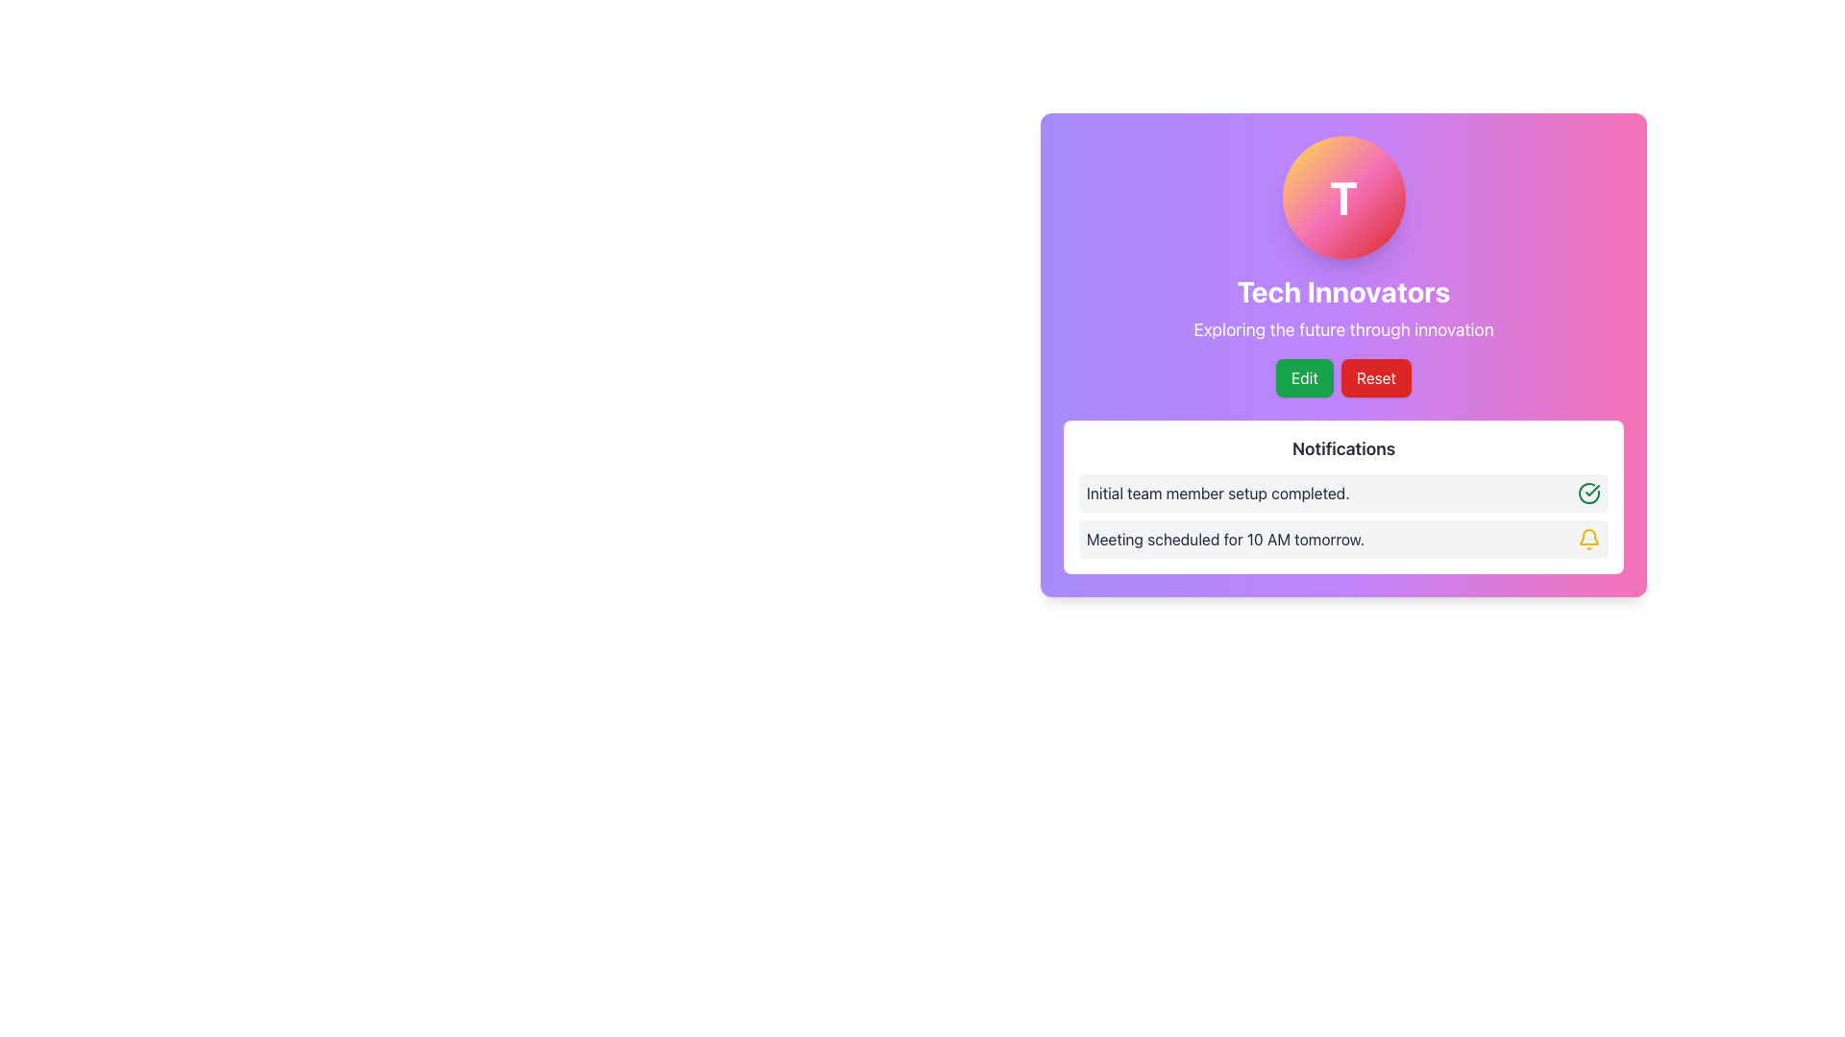  What do you see at coordinates (1342, 292) in the screenshot?
I see `the text label that serves as the title or header, located below a circular gradient icon with the letter 'T' and above the descriptor text 'Exploring the future through innovation'` at bounding box center [1342, 292].